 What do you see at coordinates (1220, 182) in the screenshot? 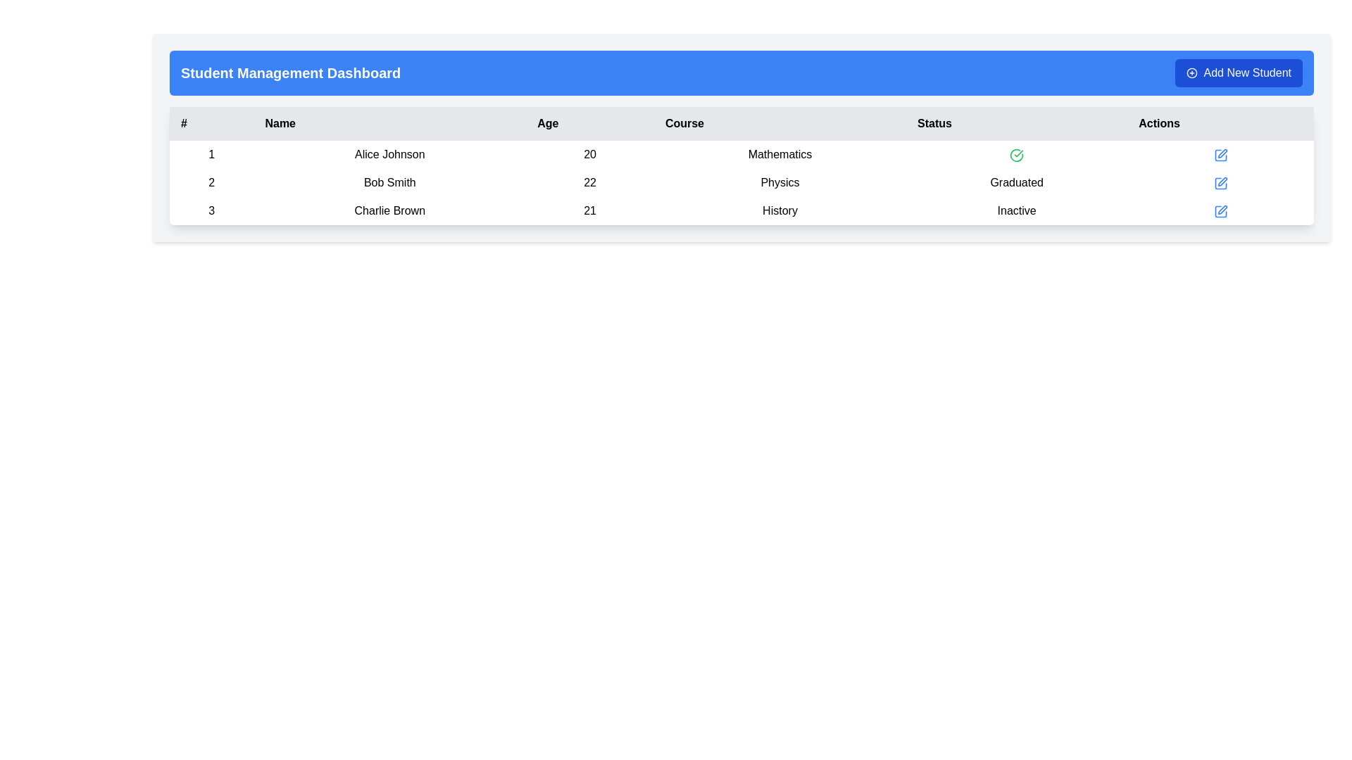
I see `the second action icon in the 'Actions' column of the table row, which is positioned to the right of the edit icon` at bounding box center [1220, 182].